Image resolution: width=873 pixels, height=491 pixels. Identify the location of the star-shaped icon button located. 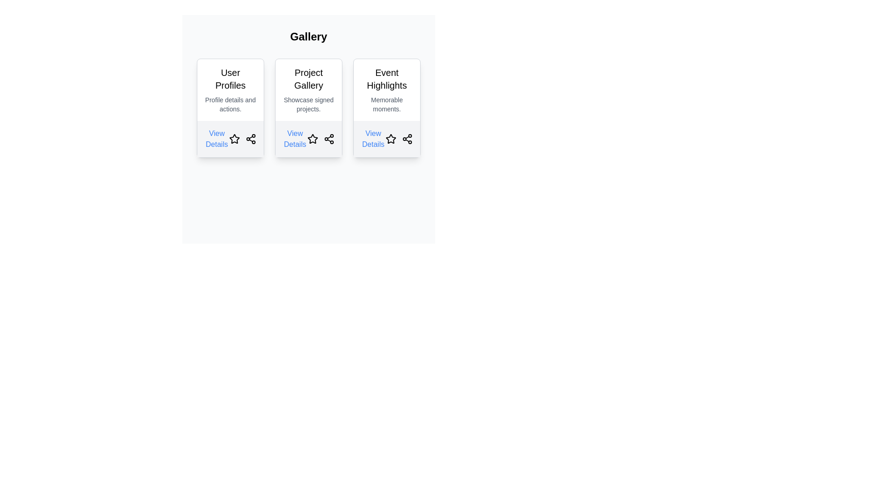
(391, 138).